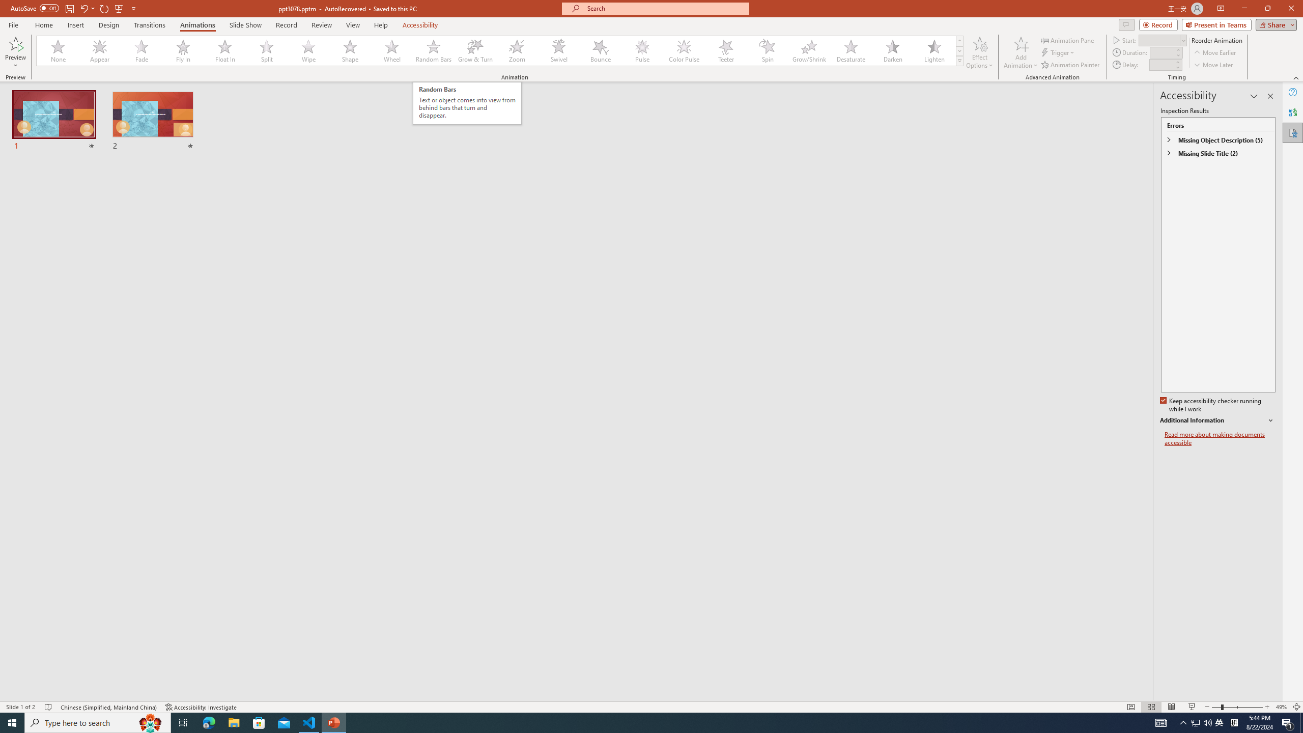  What do you see at coordinates (500, 50) in the screenshot?
I see `'AutomationID: AnimationGallery'` at bounding box center [500, 50].